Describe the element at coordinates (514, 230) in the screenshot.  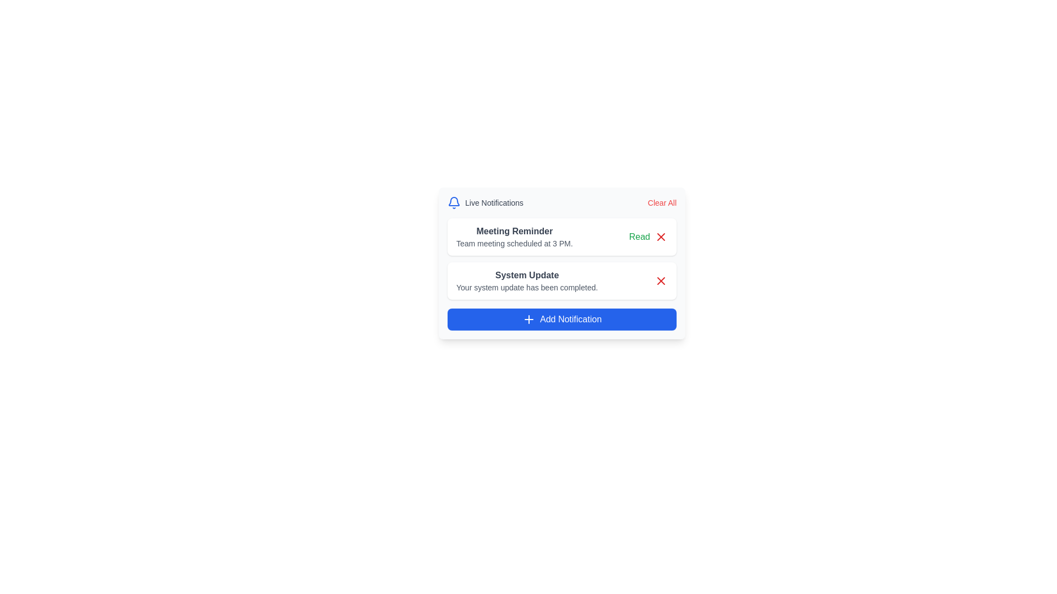
I see `the Text Label that serves as the title for the notification, located at the upper-middle portion of the notification card, above the descriptive text` at that location.